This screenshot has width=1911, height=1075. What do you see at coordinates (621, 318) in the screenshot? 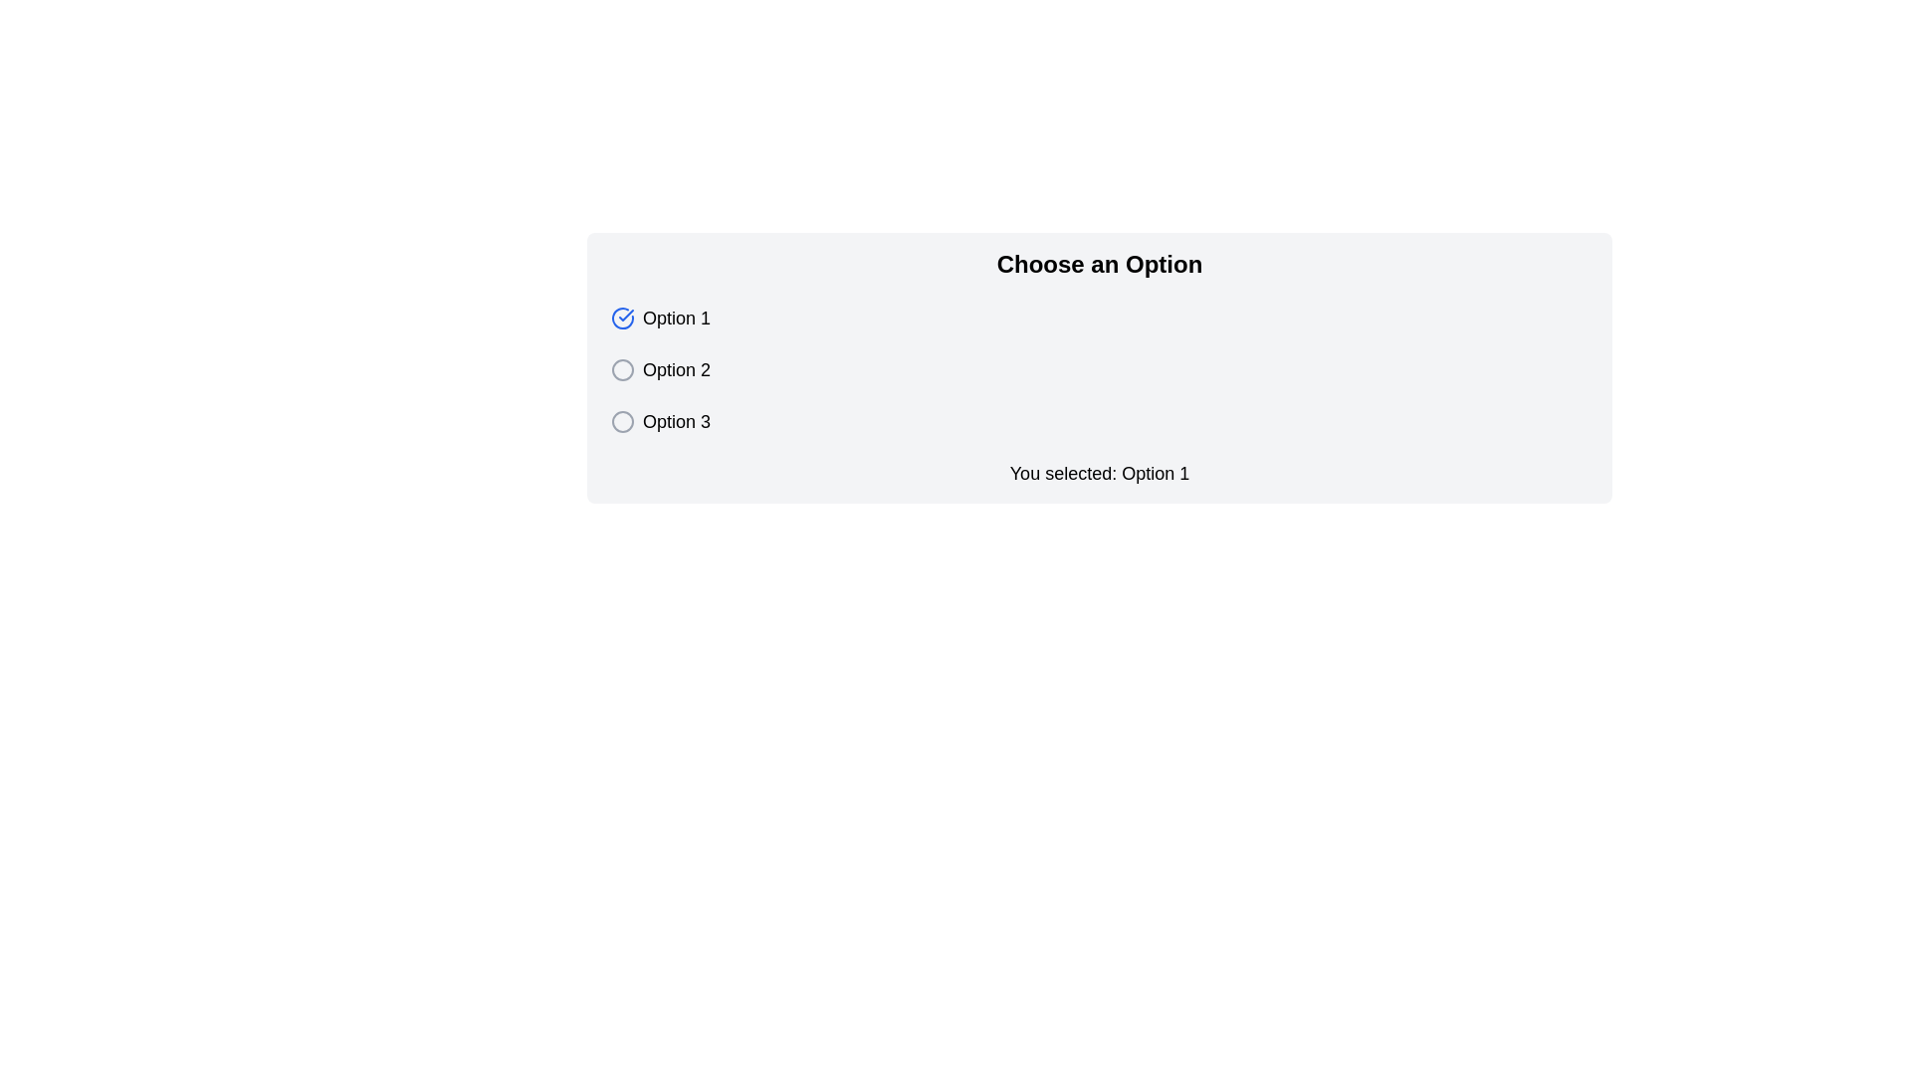
I see `the checkmark icon indicating that 'Option 1' is selected by moving the cursor to its center point` at bounding box center [621, 318].